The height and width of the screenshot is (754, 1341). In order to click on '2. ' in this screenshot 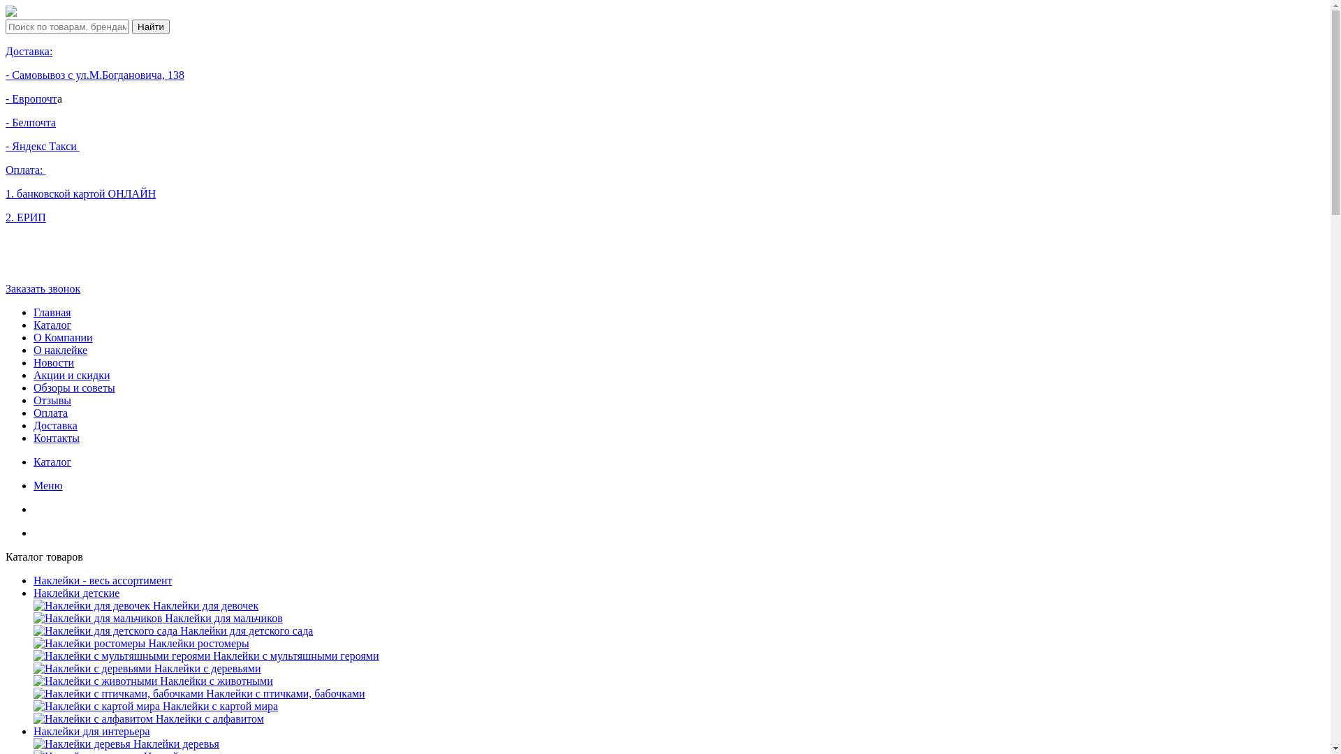, I will do `click(10, 217)`.